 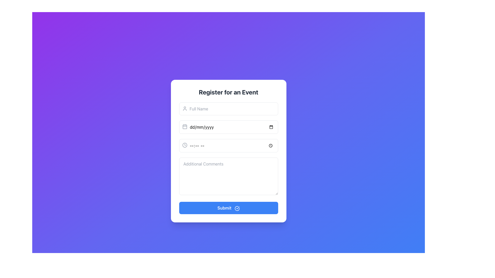 What do you see at coordinates (185, 108) in the screenshot?
I see `the user profile icon, which is a gray silhouette of a human head and shoulders located inside the 'Full Name' text input box, aligned to the left` at bounding box center [185, 108].